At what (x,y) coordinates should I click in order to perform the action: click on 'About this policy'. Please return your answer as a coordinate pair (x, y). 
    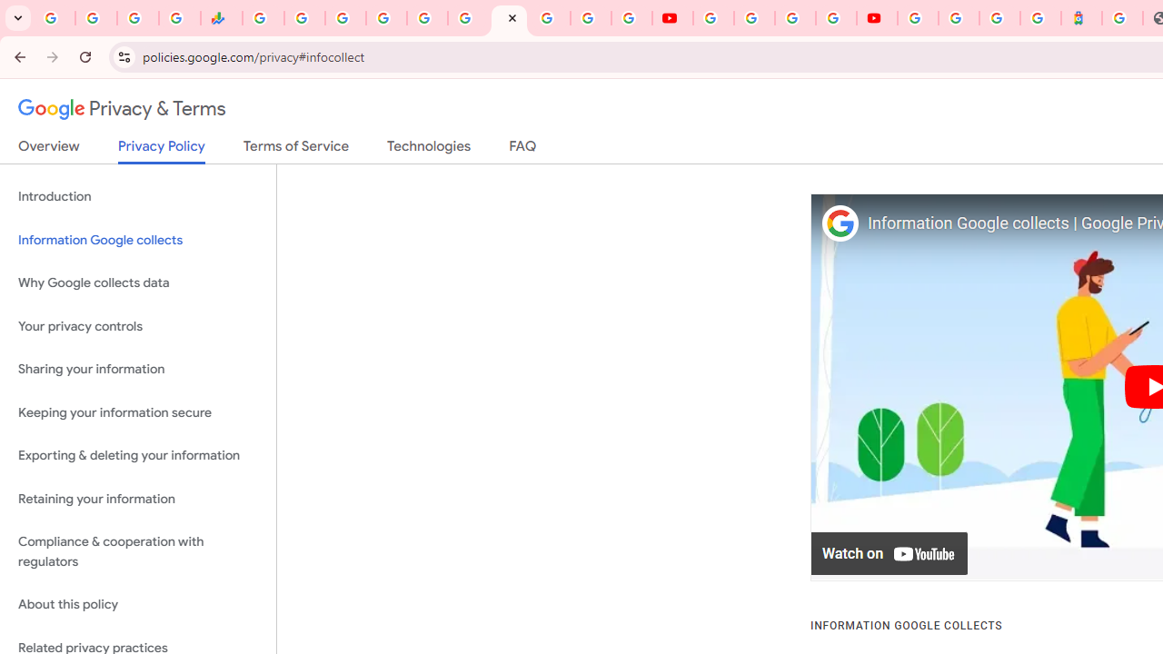
    Looking at the image, I should click on (137, 605).